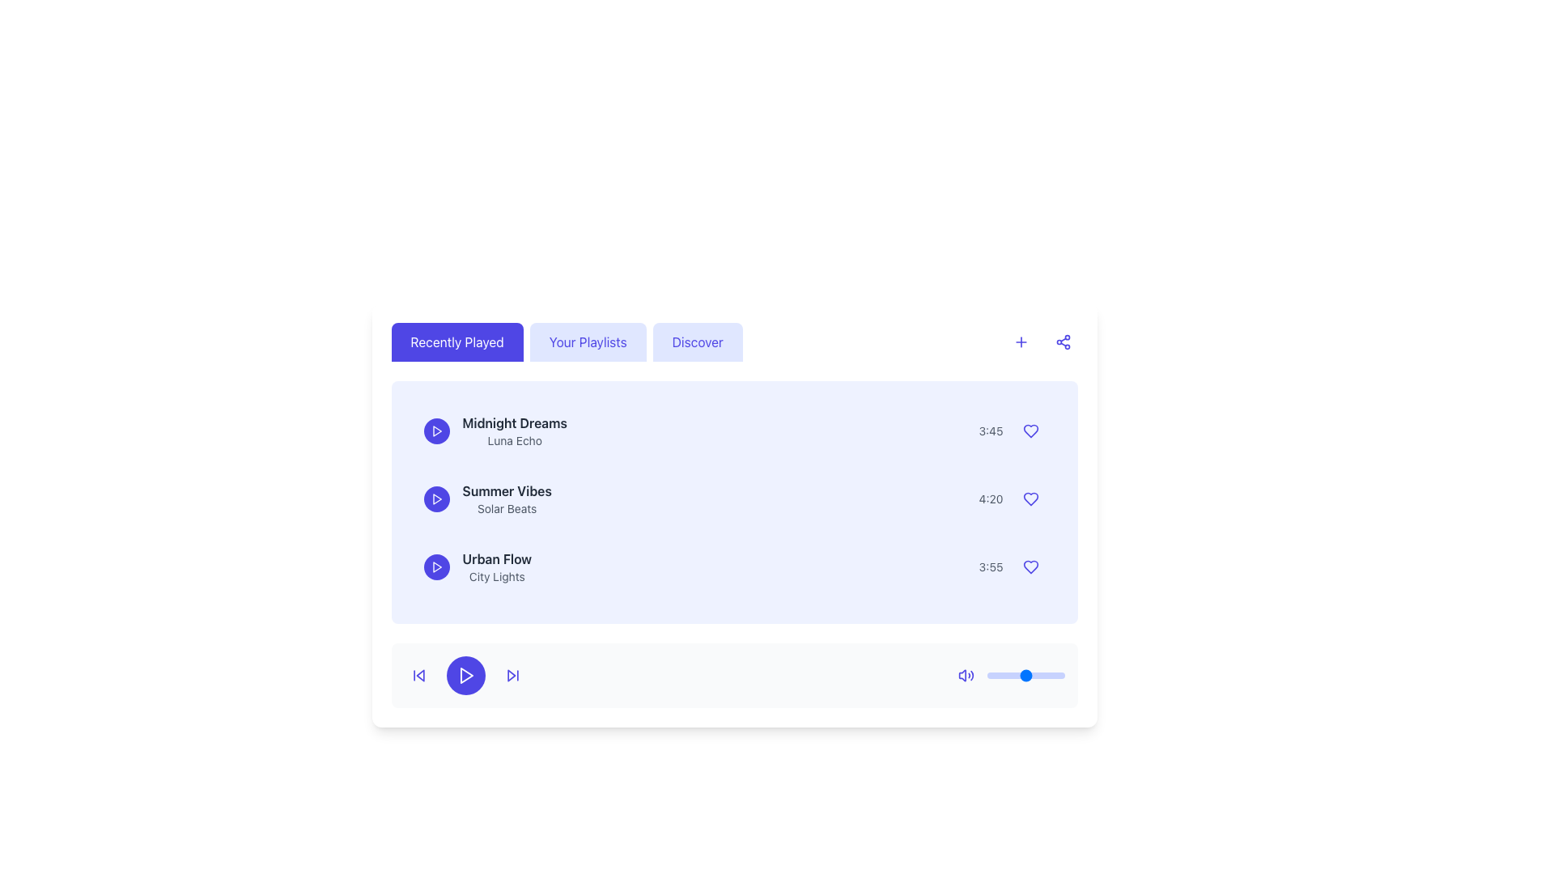  I want to click on the slider, so click(1028, 675).